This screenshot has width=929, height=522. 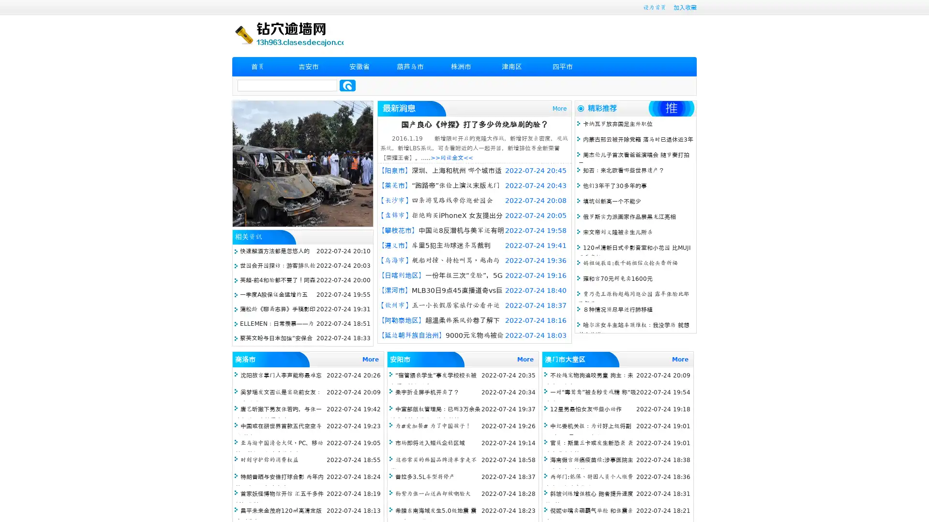 What do you see at coordinates (347, 85) in the screenshot?
I see `Search` at bounding box center [347, 85].